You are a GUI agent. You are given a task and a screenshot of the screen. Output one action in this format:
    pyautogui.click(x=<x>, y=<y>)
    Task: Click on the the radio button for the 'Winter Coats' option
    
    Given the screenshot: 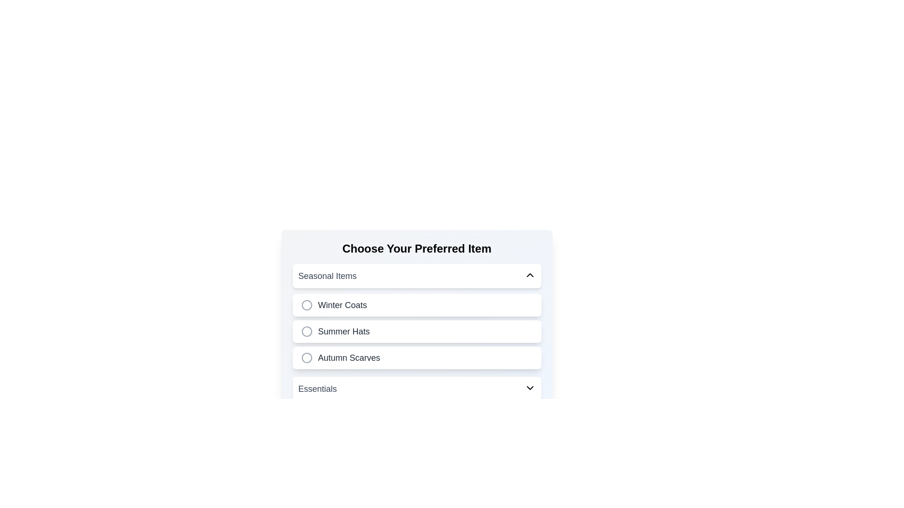 What is the action you would take?
    pyautogui.click(x=307, y=305)
    